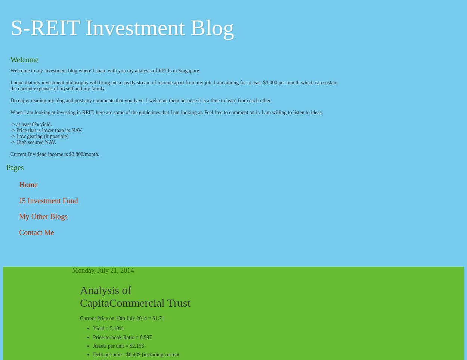 The height and width of the screenshot is (360, 467). I want to click on 'My Other Blogs', so click(19, 216).